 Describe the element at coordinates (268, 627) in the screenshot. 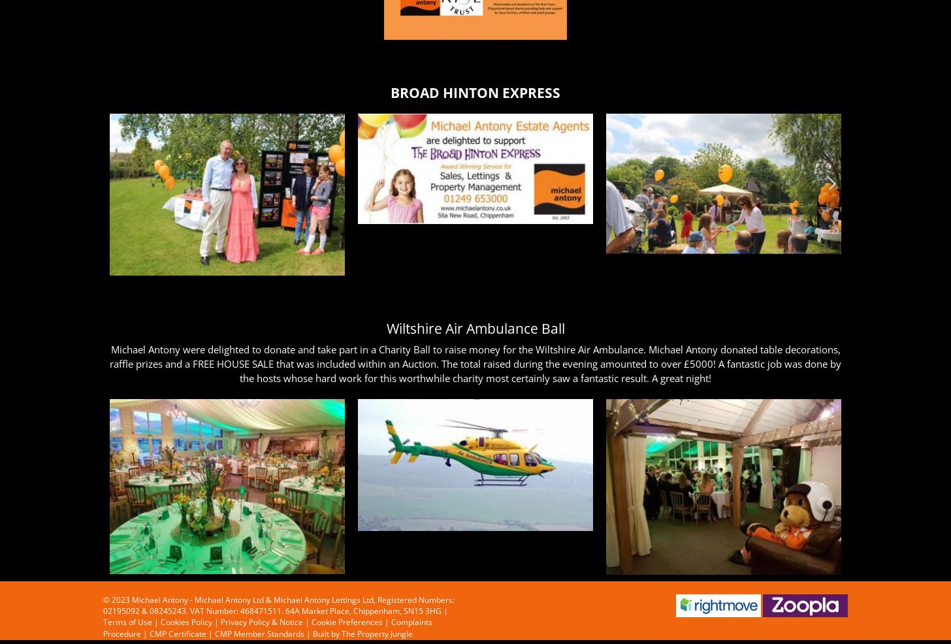

I see `'Complaints Procedure'` at that location.